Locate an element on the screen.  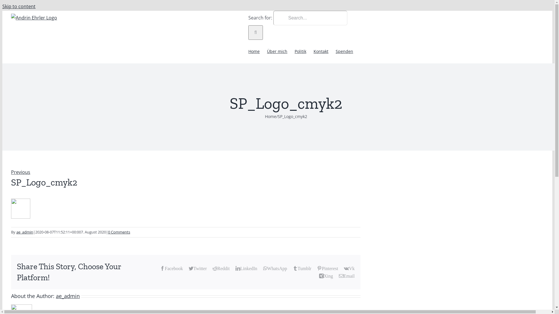
'Twitter' is located at coordinates (197, 268).